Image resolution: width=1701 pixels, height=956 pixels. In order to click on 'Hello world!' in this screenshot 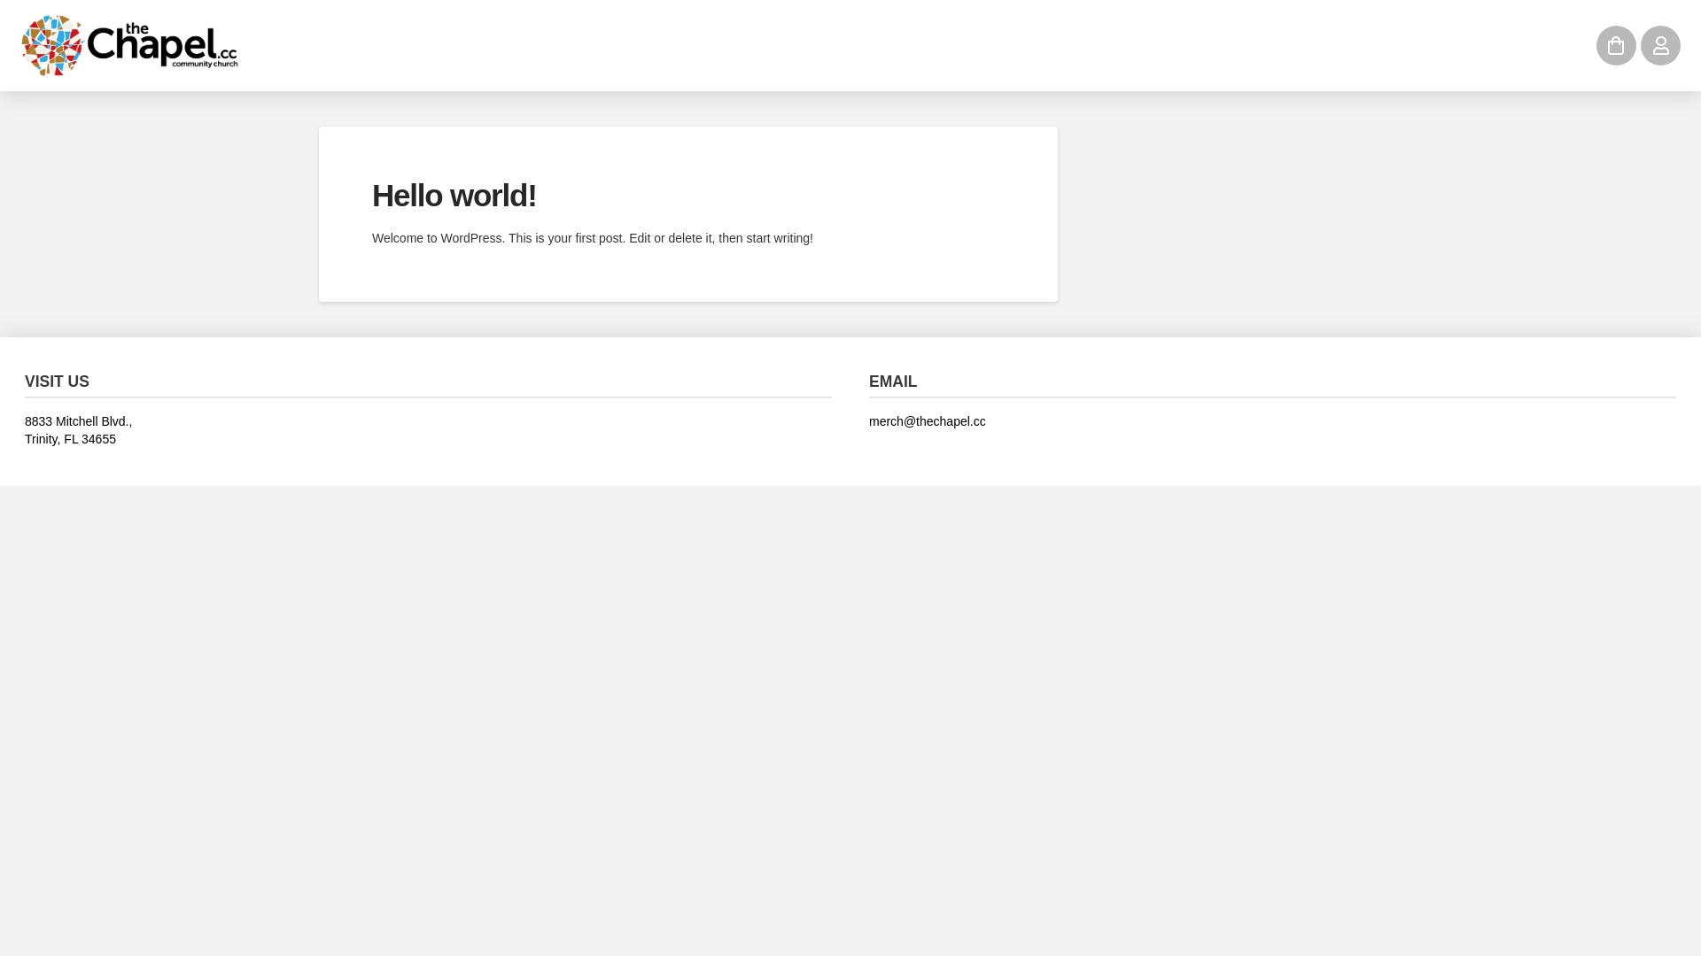, I will do `click(454, 195)`.